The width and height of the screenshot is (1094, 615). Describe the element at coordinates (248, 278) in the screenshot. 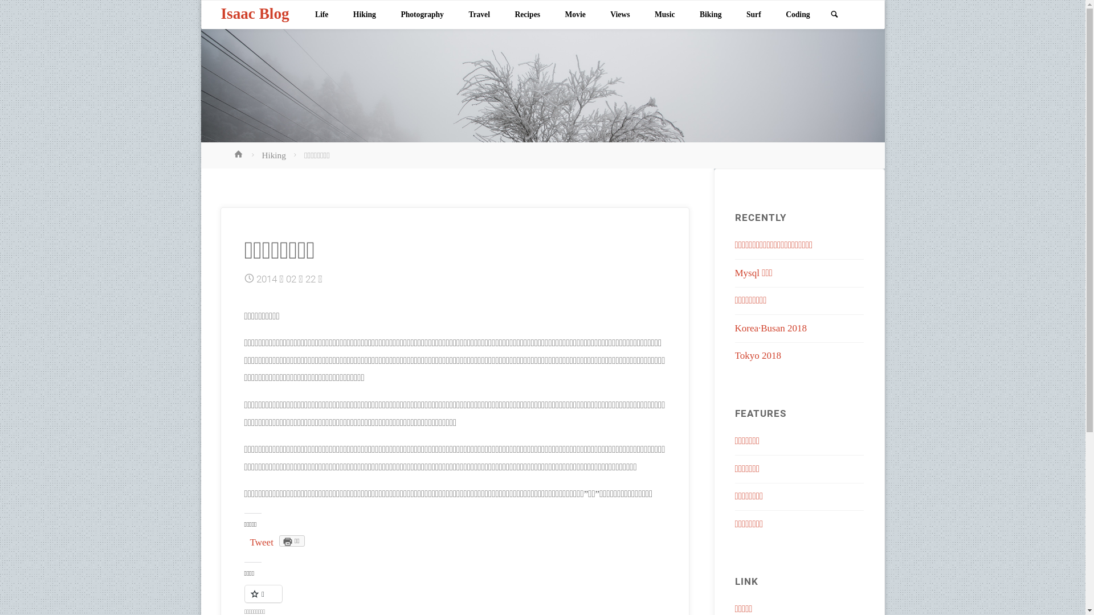

I see `'Date'` at that location.